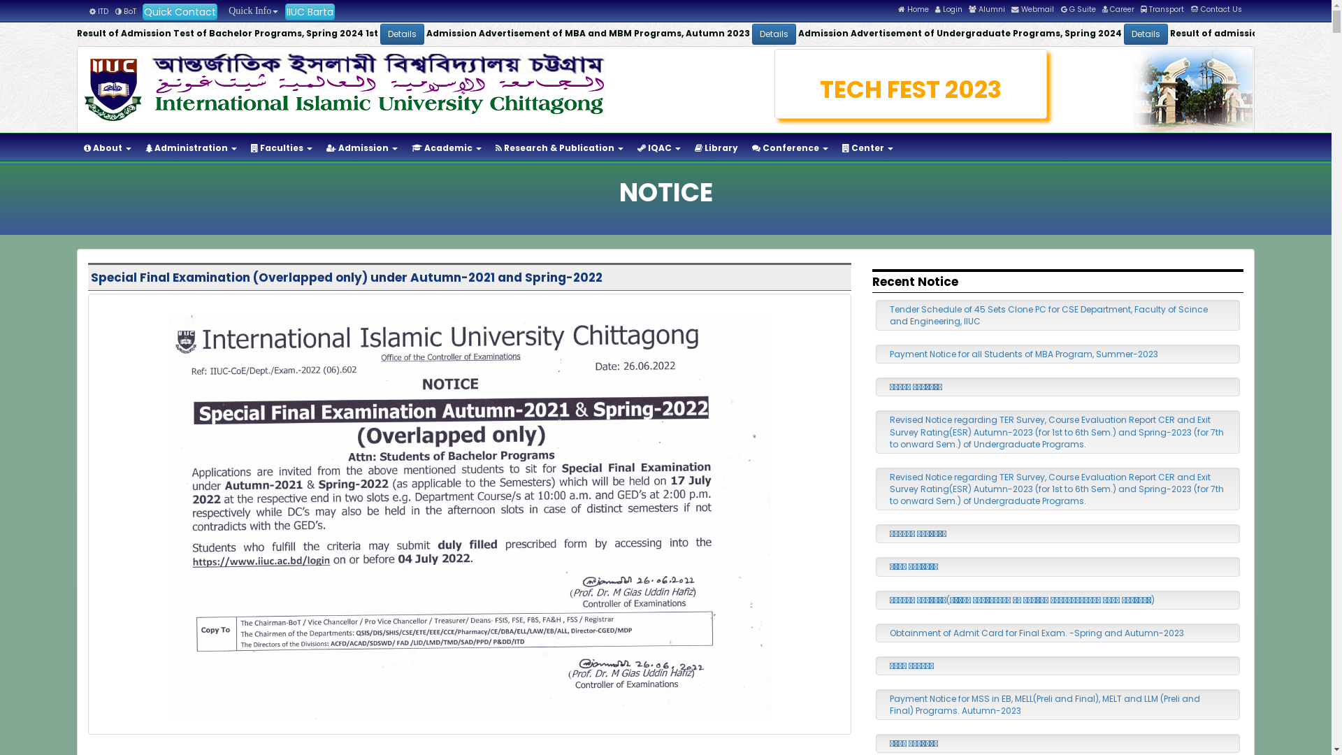 This screenshot has height=755, width=1342. I want to click on '  Quick Info', so click(224, 10).